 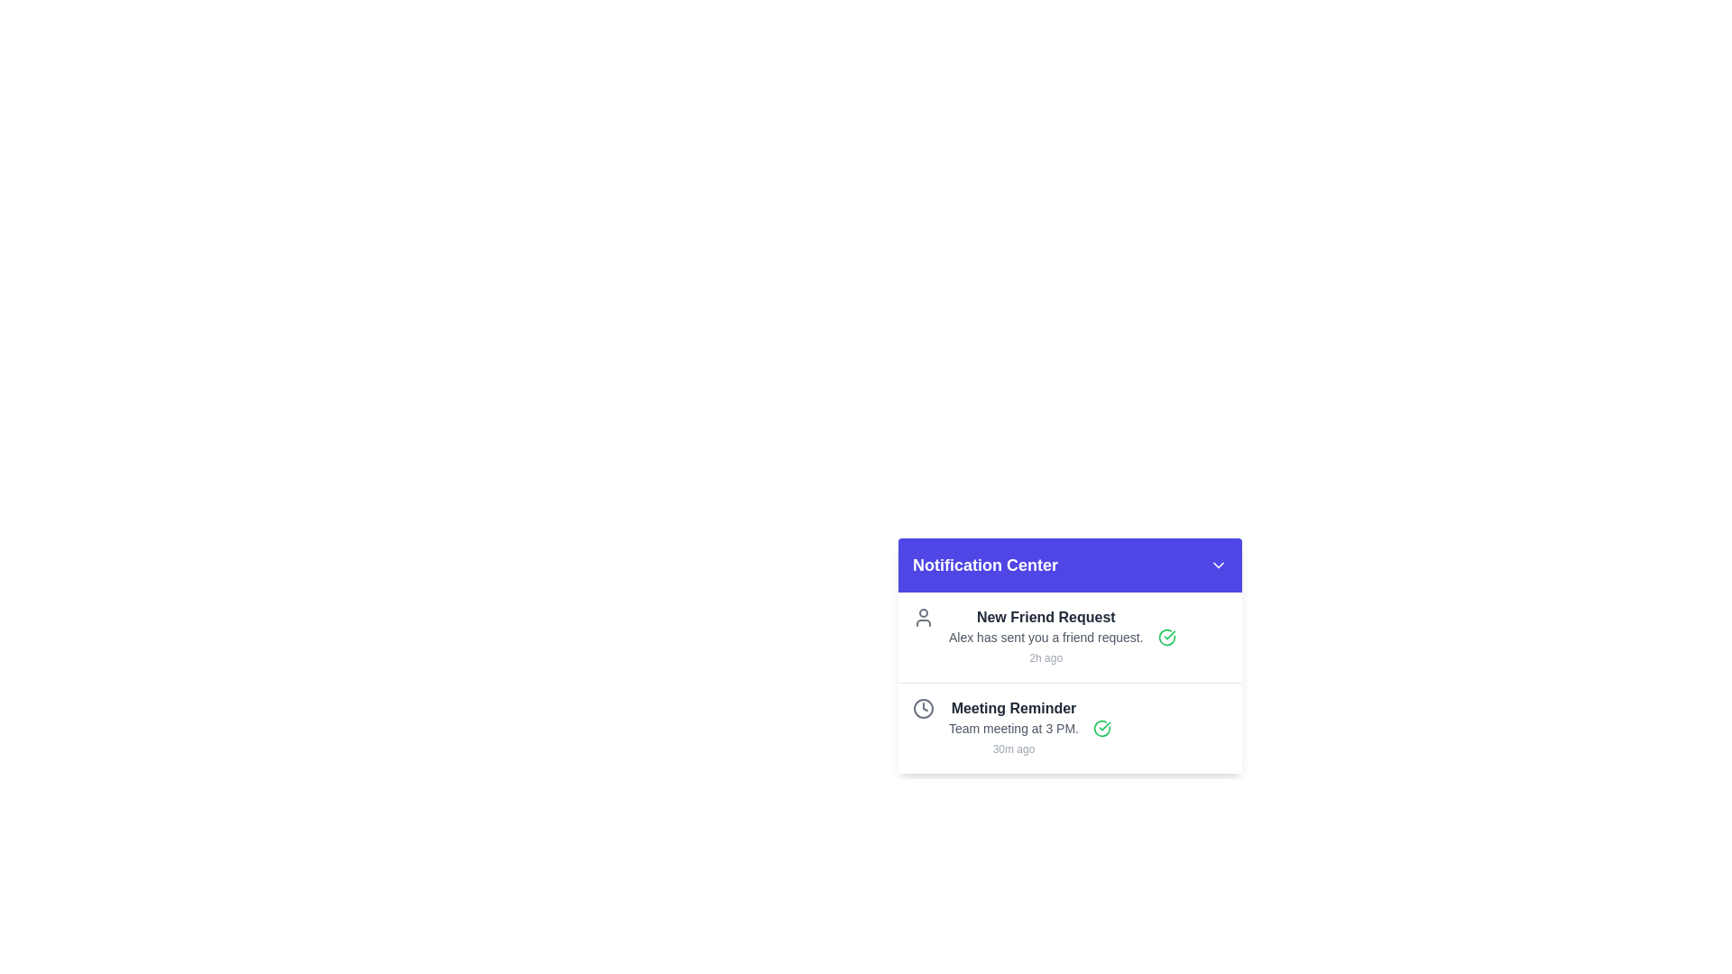 I want to click on the second notification entry titled 'Meeting Reminder' in the notification center, so click(x=1070, y=727).